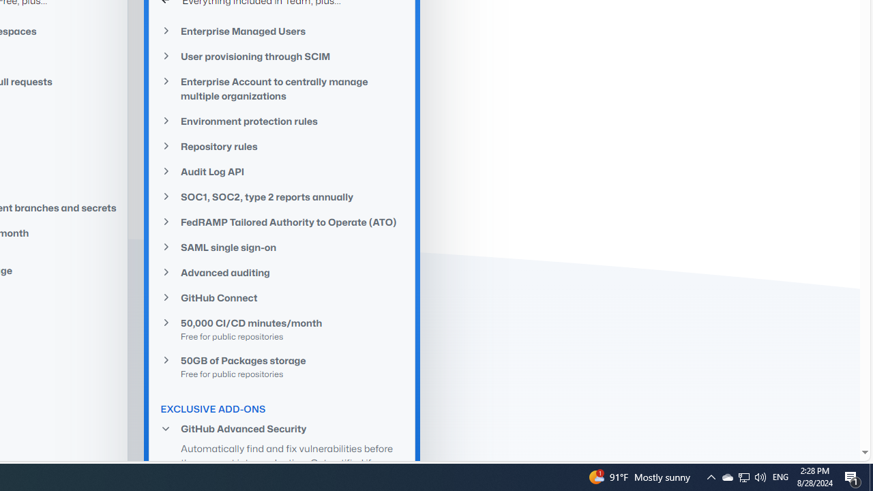  What do you see at coordinates (282, 170) in the screenshot?
I see `'Audit Log API'` at bounding box center [282, 170].